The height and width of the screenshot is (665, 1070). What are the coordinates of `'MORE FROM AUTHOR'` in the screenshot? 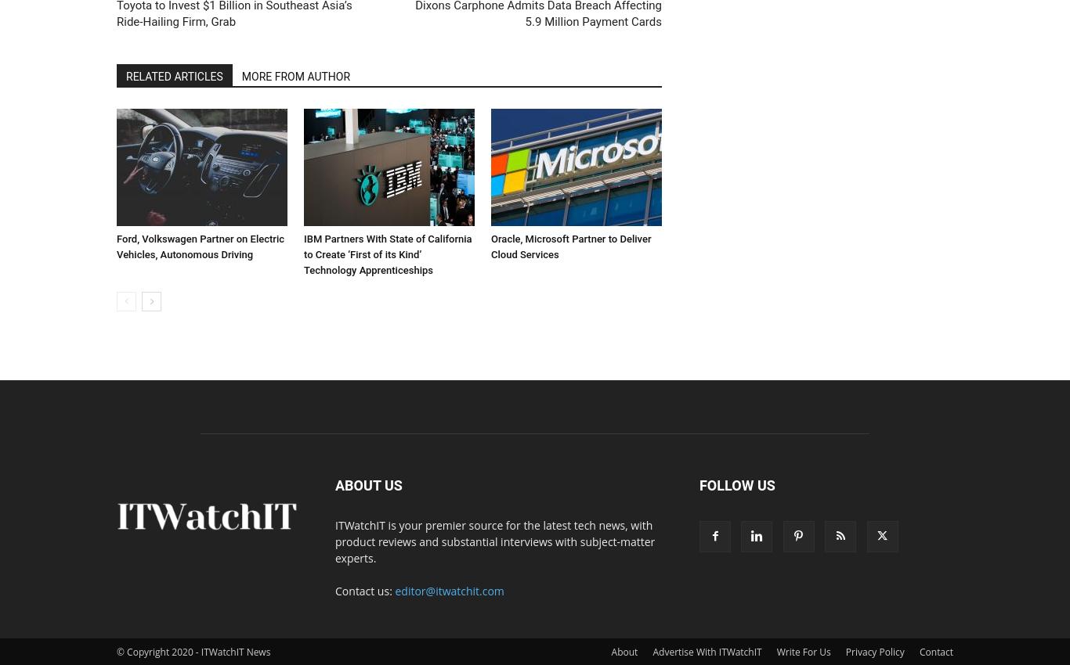 It's located at (295, 74).